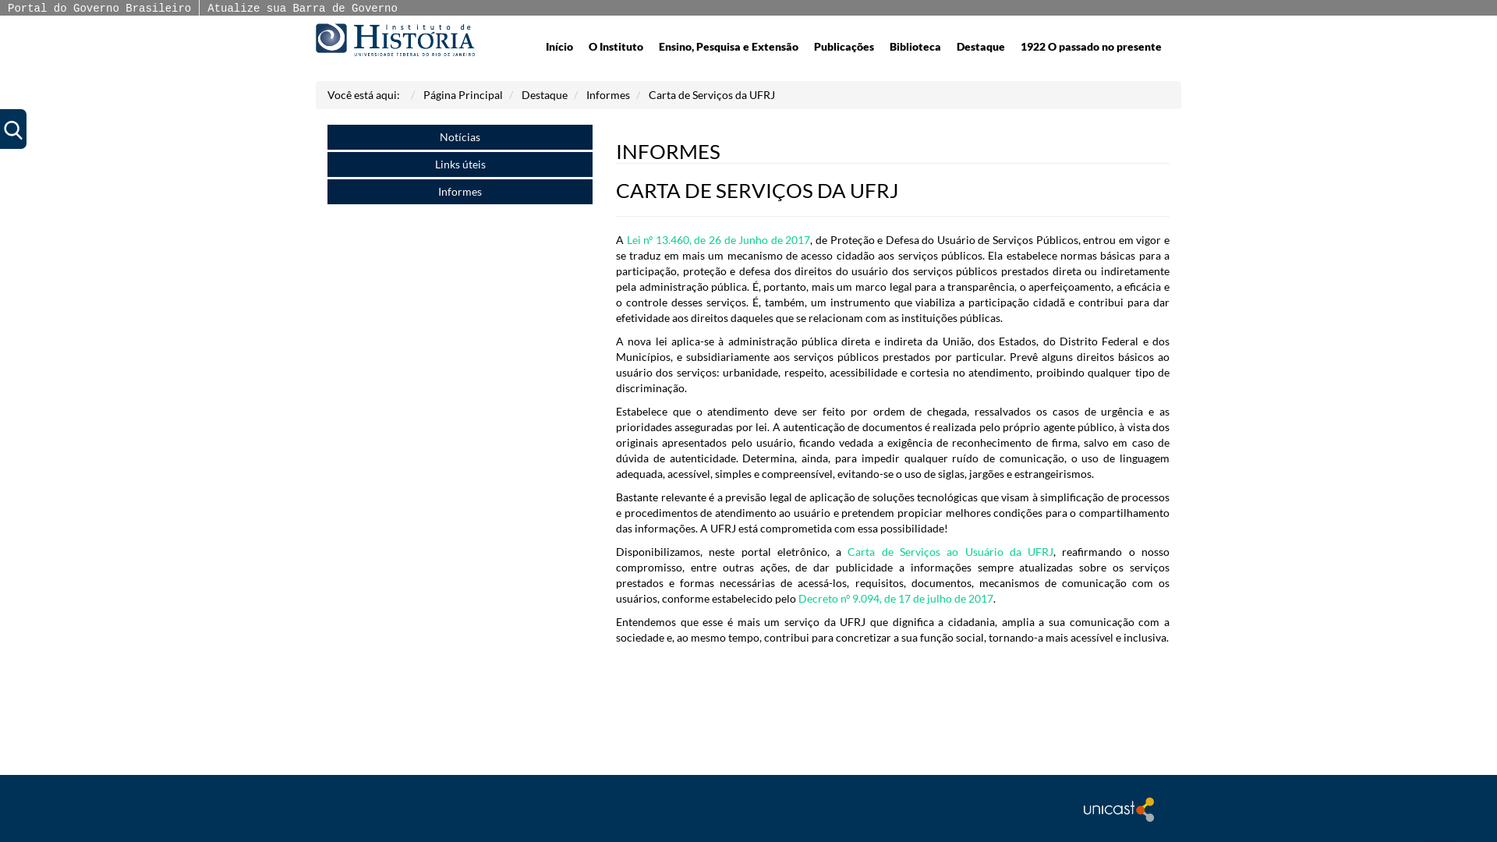 The width and height of the screenshot is (1497, 842). Describe the element at coordinates (586, 94) in the screenshot. I see `'Informes'` at that location.